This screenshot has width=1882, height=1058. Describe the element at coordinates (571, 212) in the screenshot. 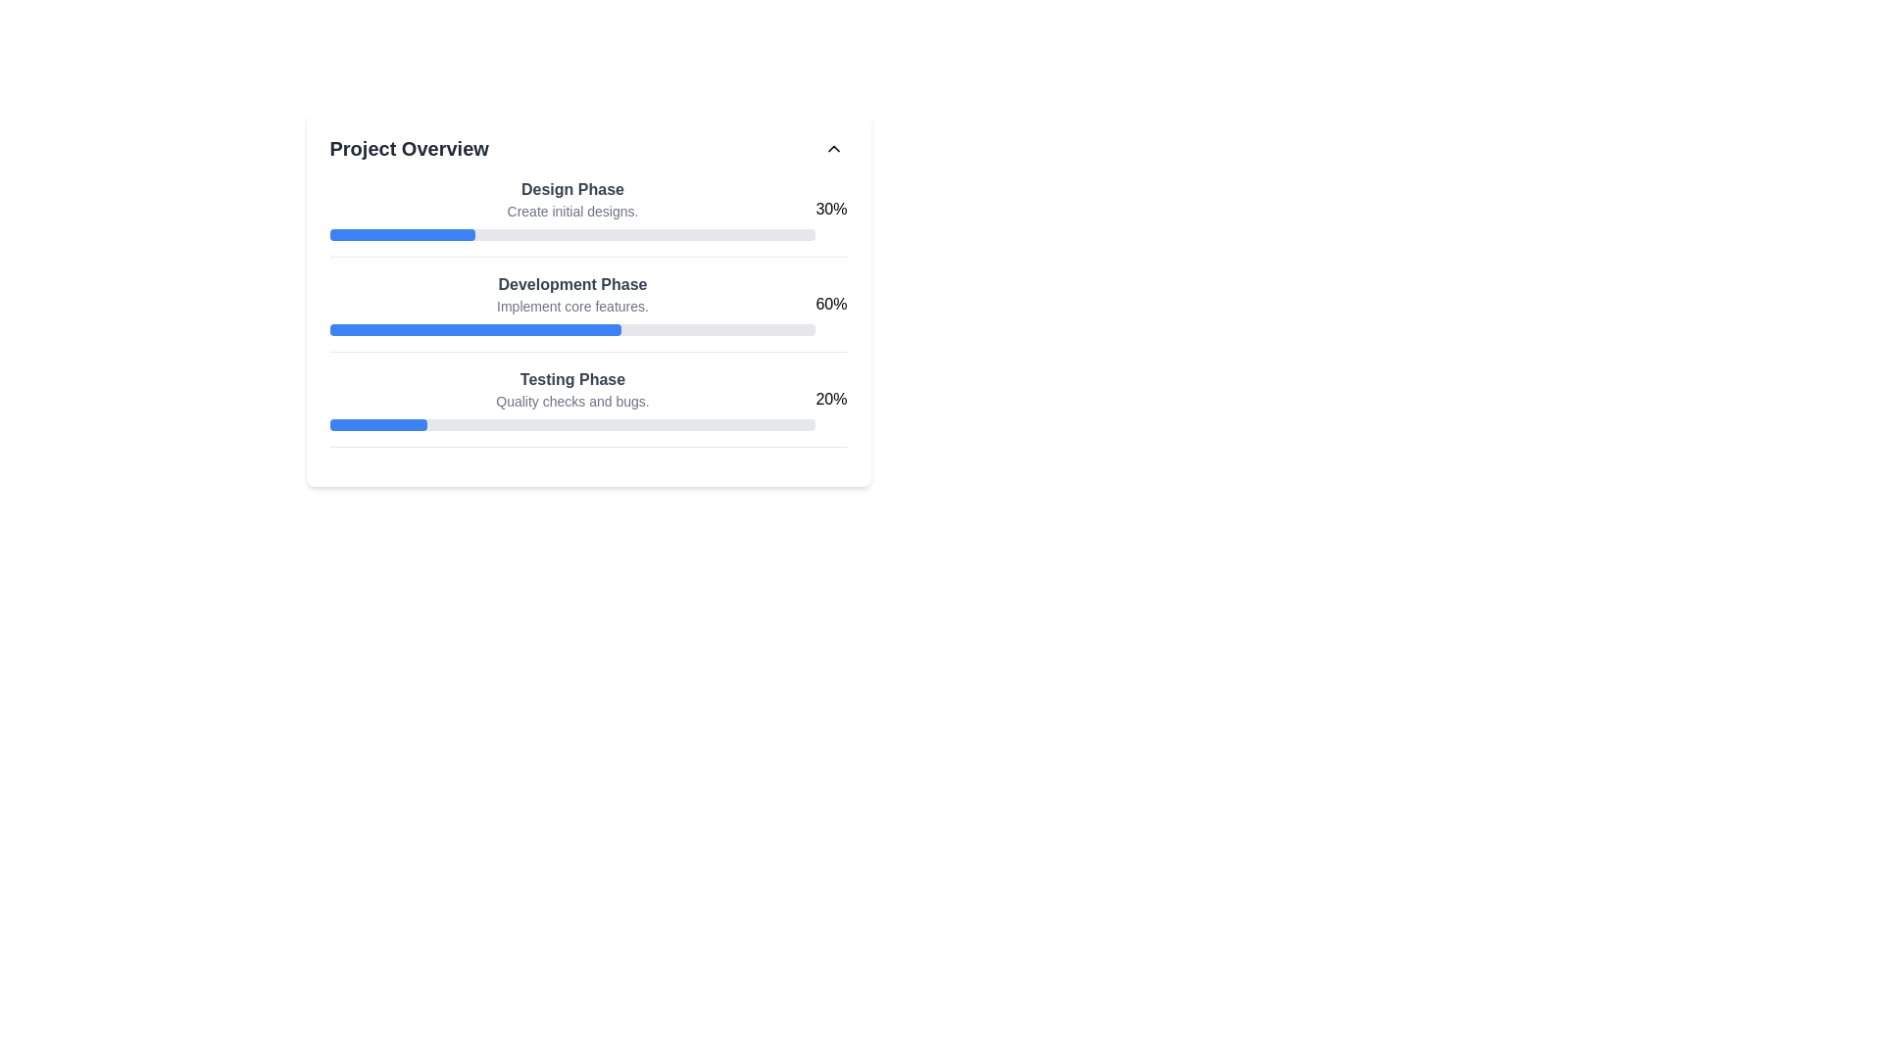

I see `the text label displaying 'Create initial designs.' located under the 'Design Phase' heading` at that location.